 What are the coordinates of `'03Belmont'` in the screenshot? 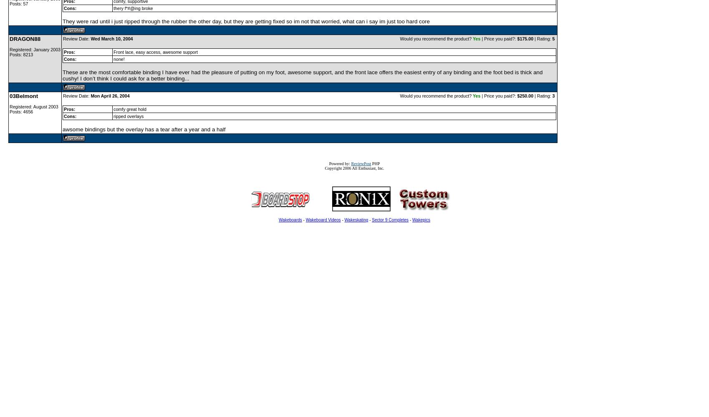 It's located at (23, 95).